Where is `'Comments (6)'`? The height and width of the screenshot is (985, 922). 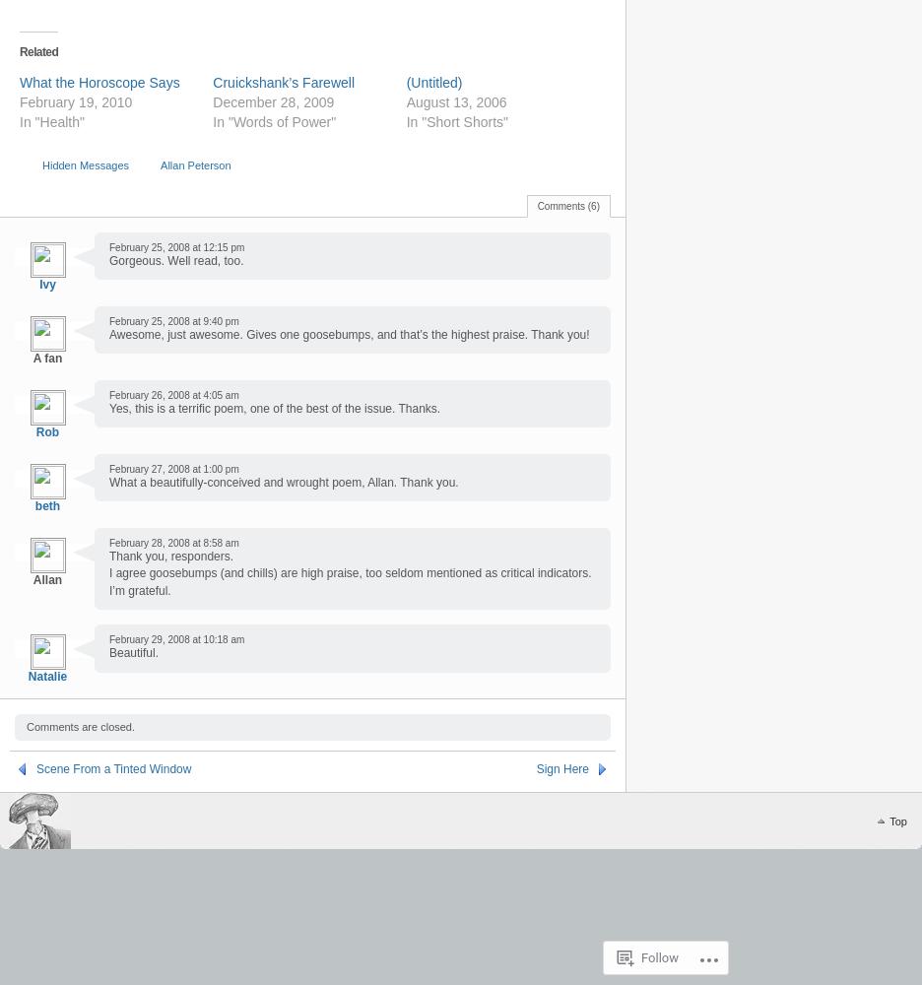
'Comments (6)' is located at coordinates (567, 204).